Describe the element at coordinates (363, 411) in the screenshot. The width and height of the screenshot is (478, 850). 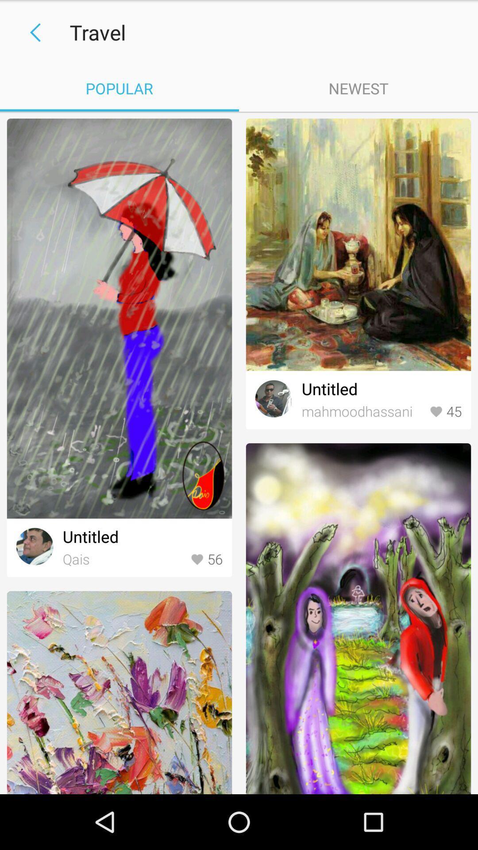
I see `mahmoodhassani` at that location.